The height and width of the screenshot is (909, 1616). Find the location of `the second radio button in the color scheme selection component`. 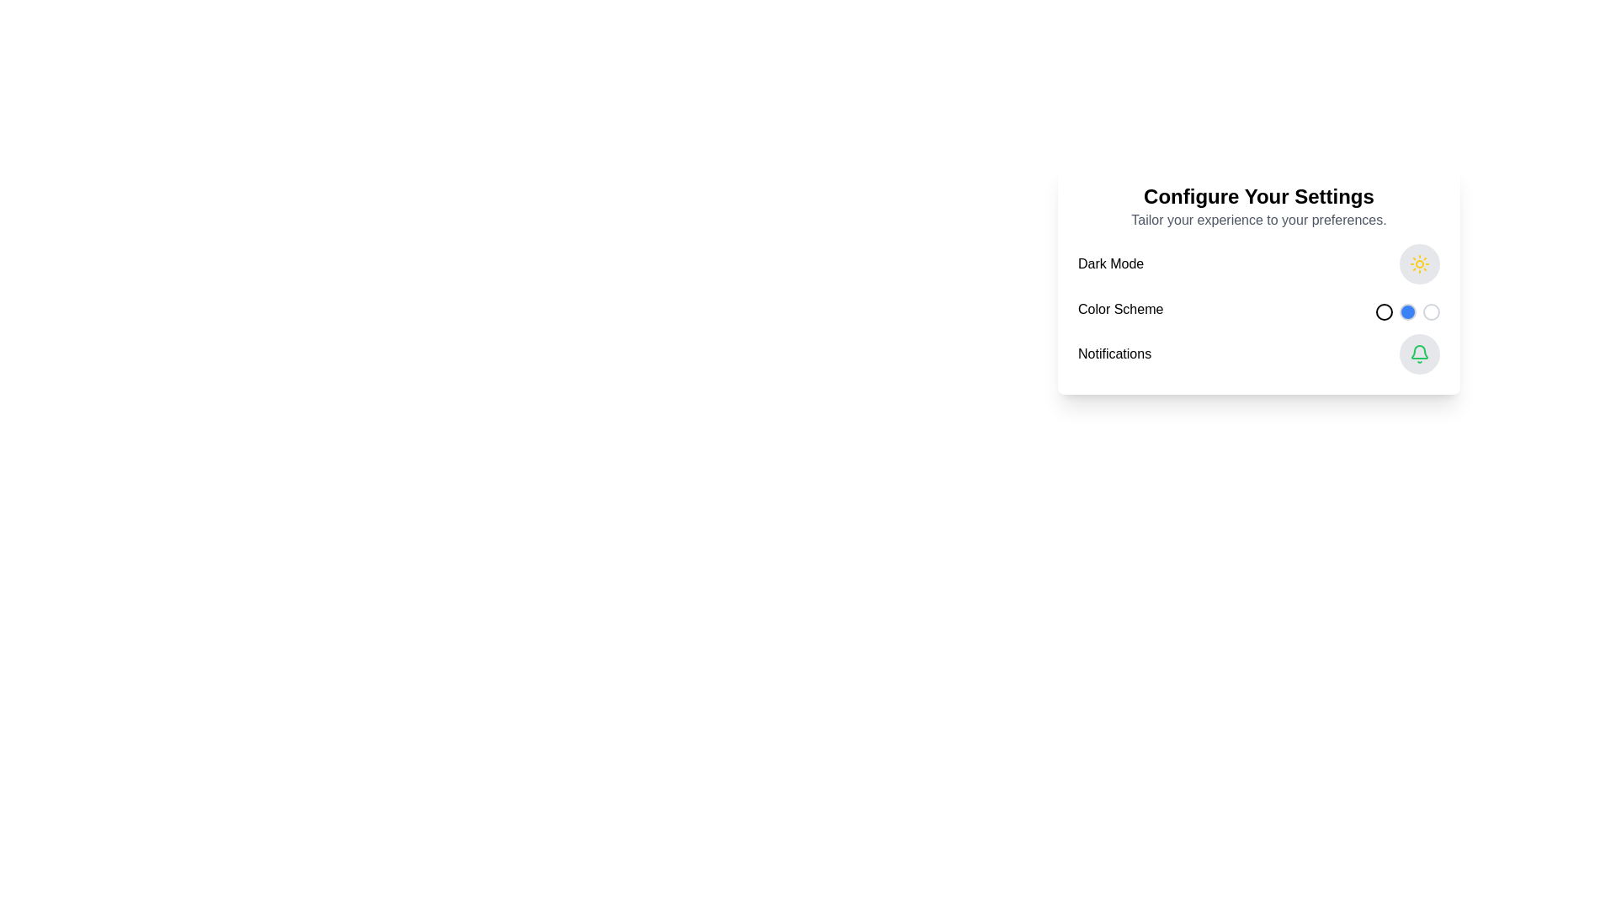

the second radio button in the color scheme selection component is located at coordinates (1259, 309).